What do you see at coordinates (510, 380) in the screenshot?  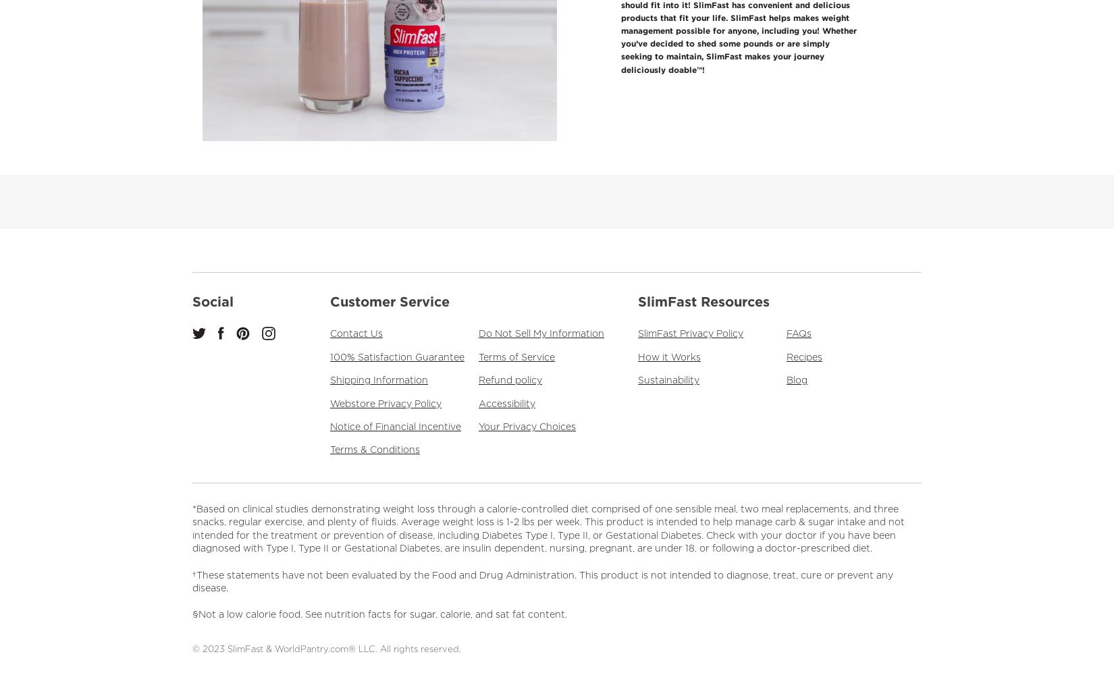 I see `'Refund policy'` at bounding box center [510, 380].